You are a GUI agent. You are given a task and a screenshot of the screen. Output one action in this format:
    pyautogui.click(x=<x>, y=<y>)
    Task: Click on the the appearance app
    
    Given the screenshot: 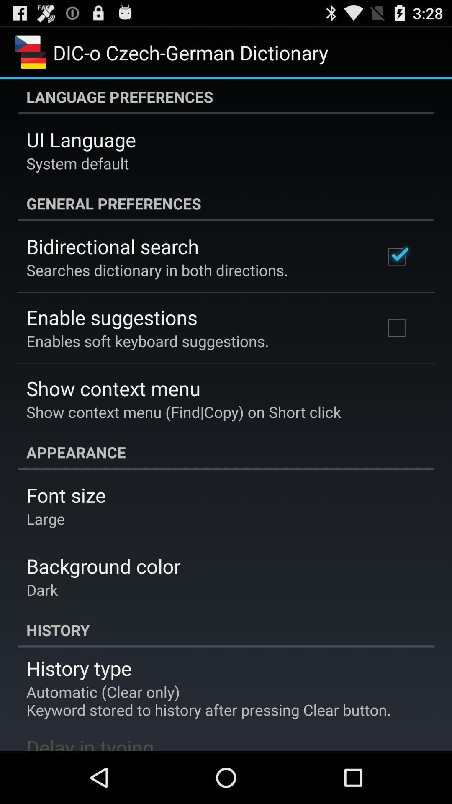 What is the action you would take?
    pyautogui.click(x=226, y=452)
    